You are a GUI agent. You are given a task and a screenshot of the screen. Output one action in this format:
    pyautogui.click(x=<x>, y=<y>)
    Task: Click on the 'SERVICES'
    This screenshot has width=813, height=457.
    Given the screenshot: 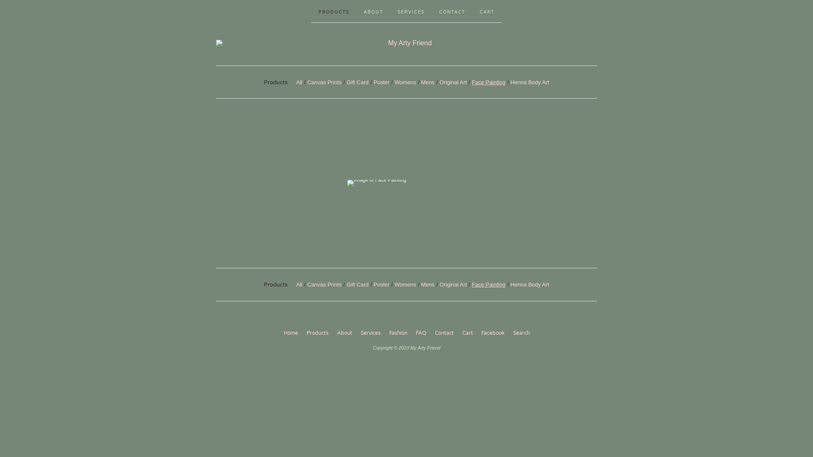 What is the action you would take?
    pyautogui.click(x=411, y=11)
    